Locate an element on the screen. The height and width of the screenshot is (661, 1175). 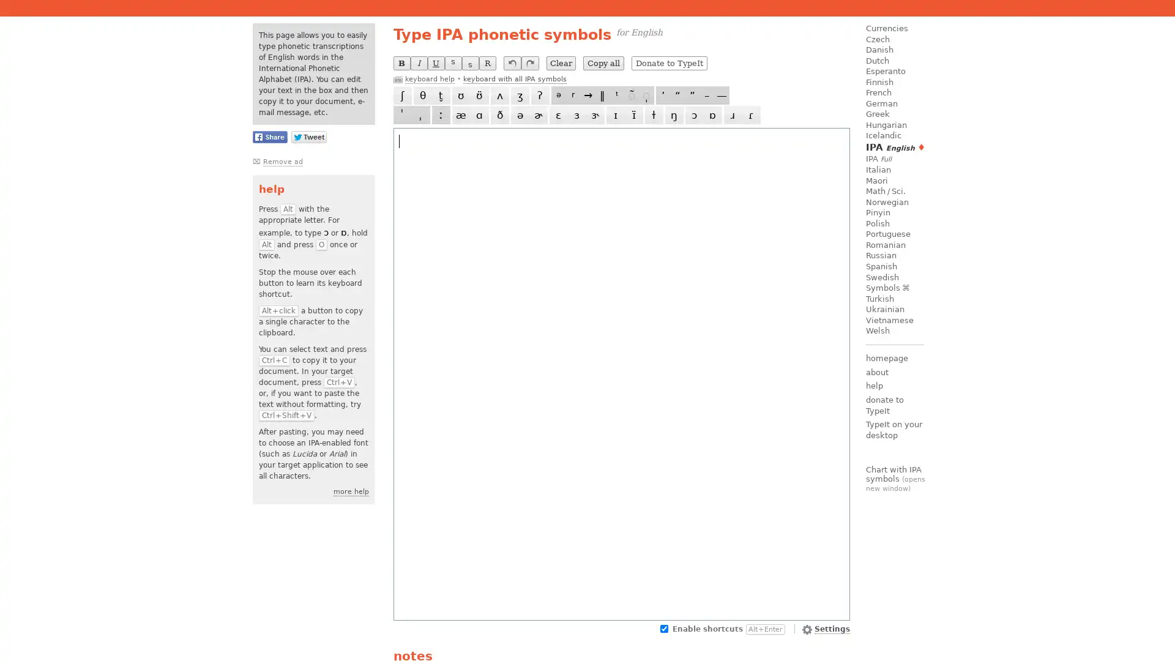
Alt+Q / Alt+, [comma] / Hold Alt, press ' twice is located at coordinates (402, 114).